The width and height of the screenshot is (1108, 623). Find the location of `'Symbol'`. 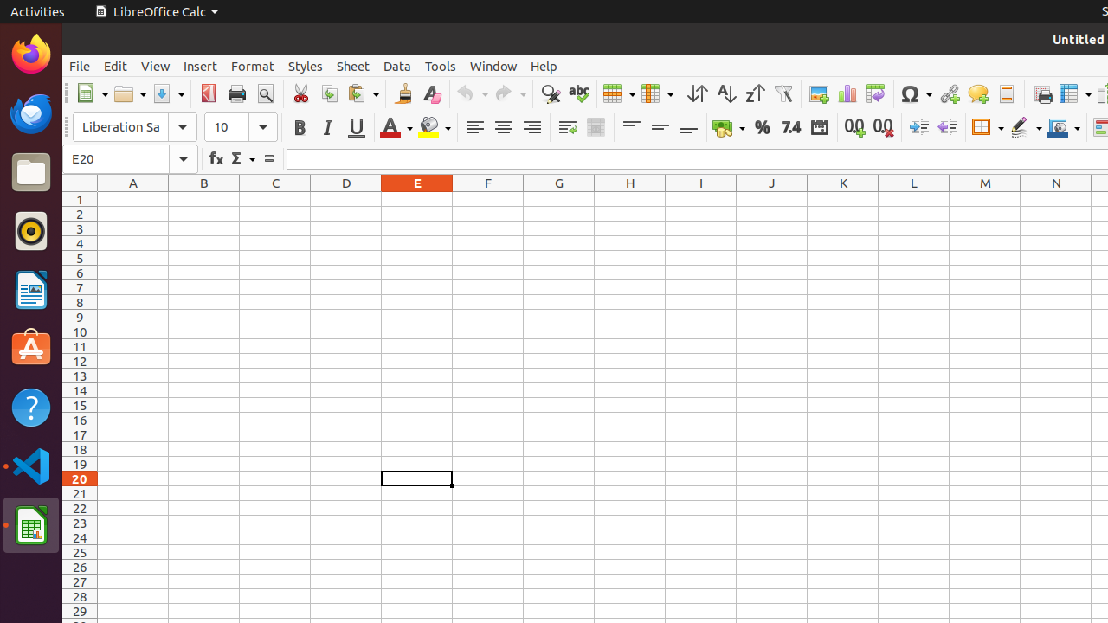

'Symbol' is located at coordinates (915, 93).